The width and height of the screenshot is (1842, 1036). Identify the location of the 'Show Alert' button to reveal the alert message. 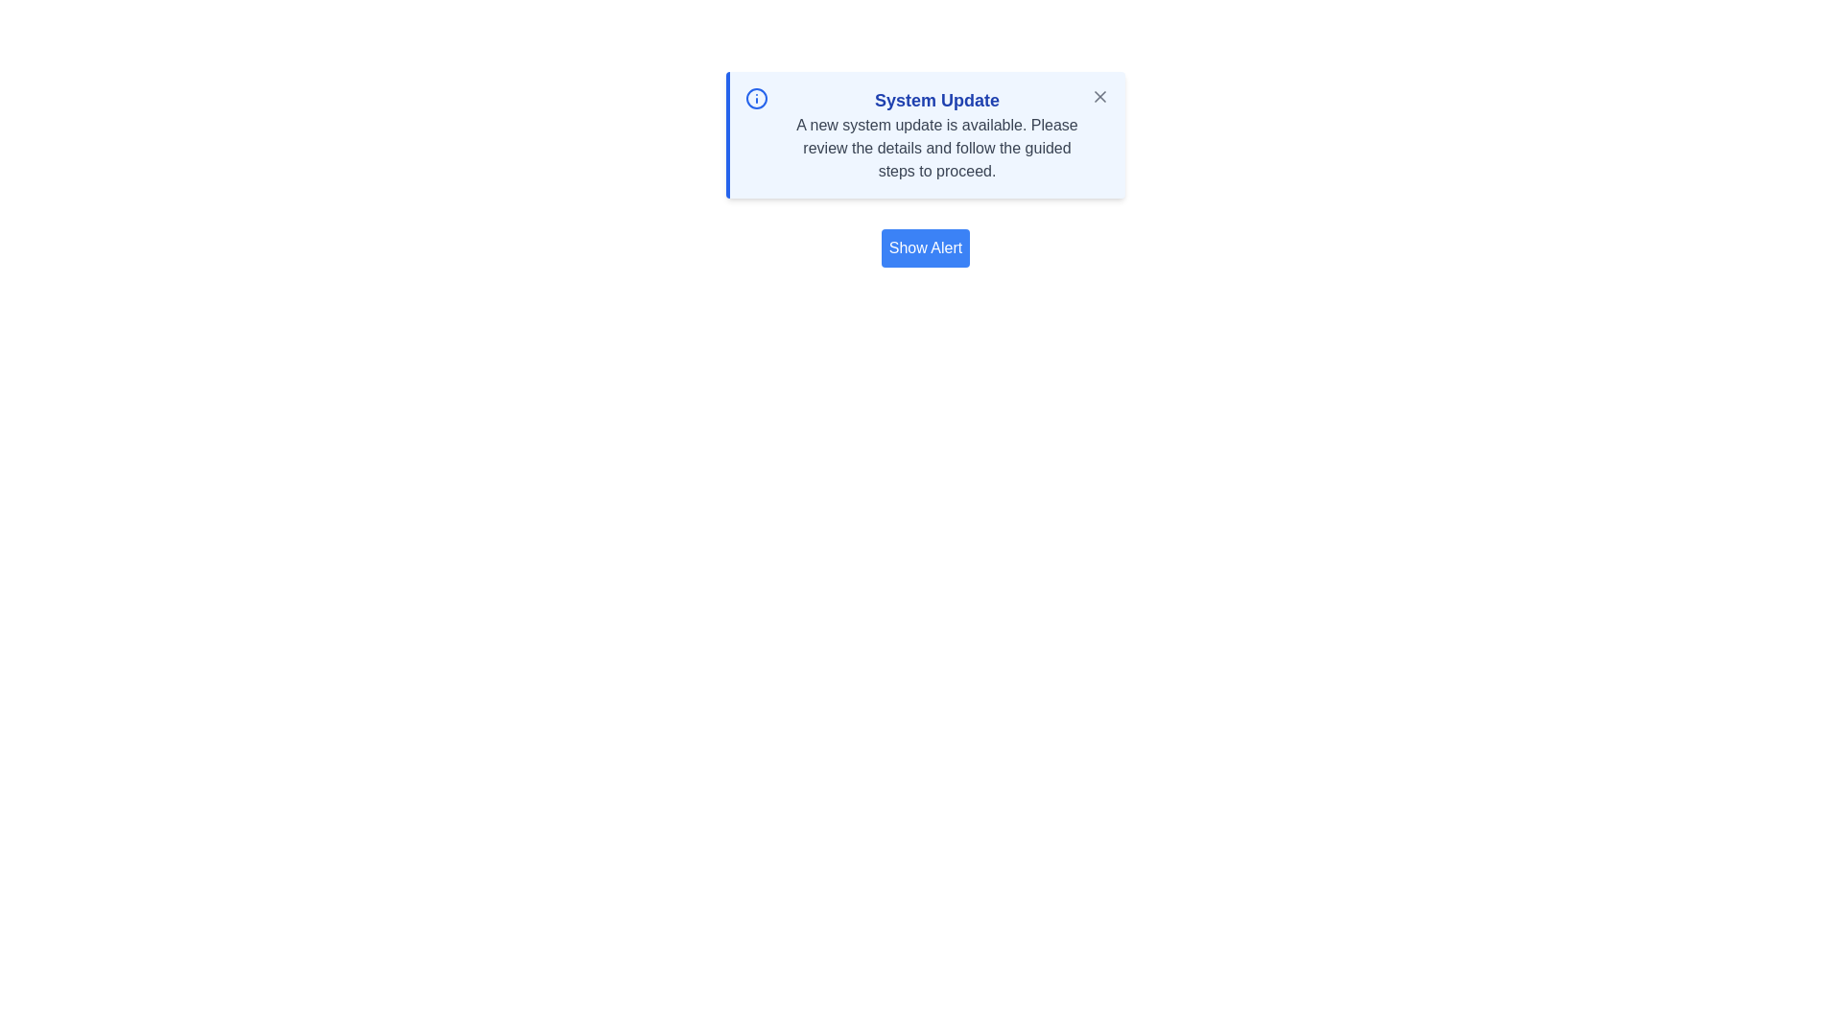
(925, 247).